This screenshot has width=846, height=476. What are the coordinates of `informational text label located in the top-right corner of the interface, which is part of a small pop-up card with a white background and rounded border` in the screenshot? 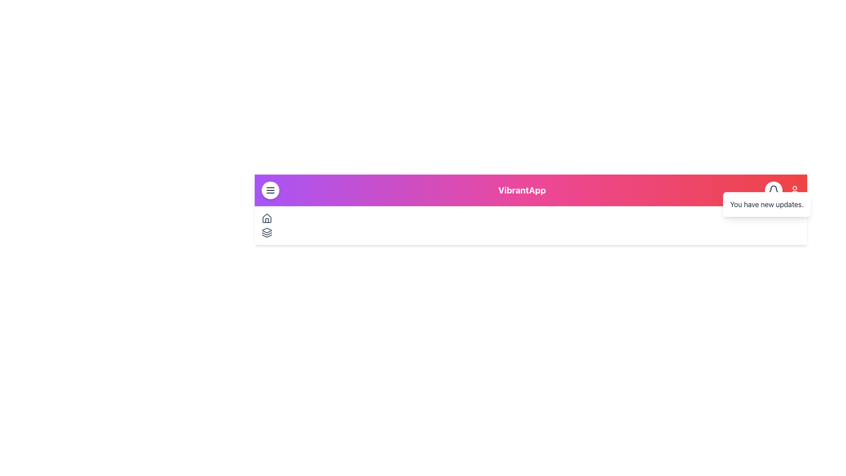 It's located at (766, 204).